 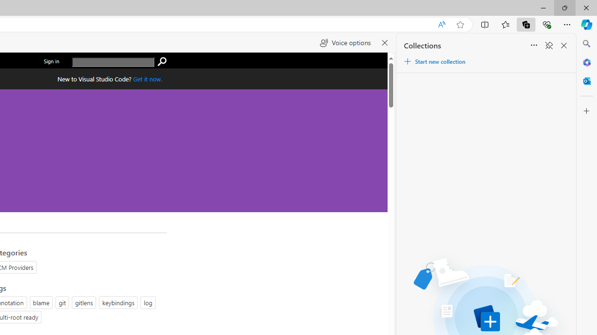 What do you see at coordinates (534, 46) in the screenshot?
I see `'Sort'` at bounding box center [534, 46].